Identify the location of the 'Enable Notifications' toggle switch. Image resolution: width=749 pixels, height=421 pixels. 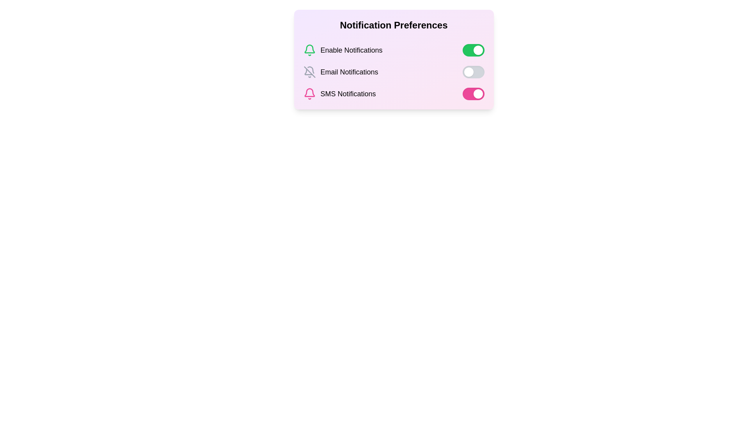
(394, 50).